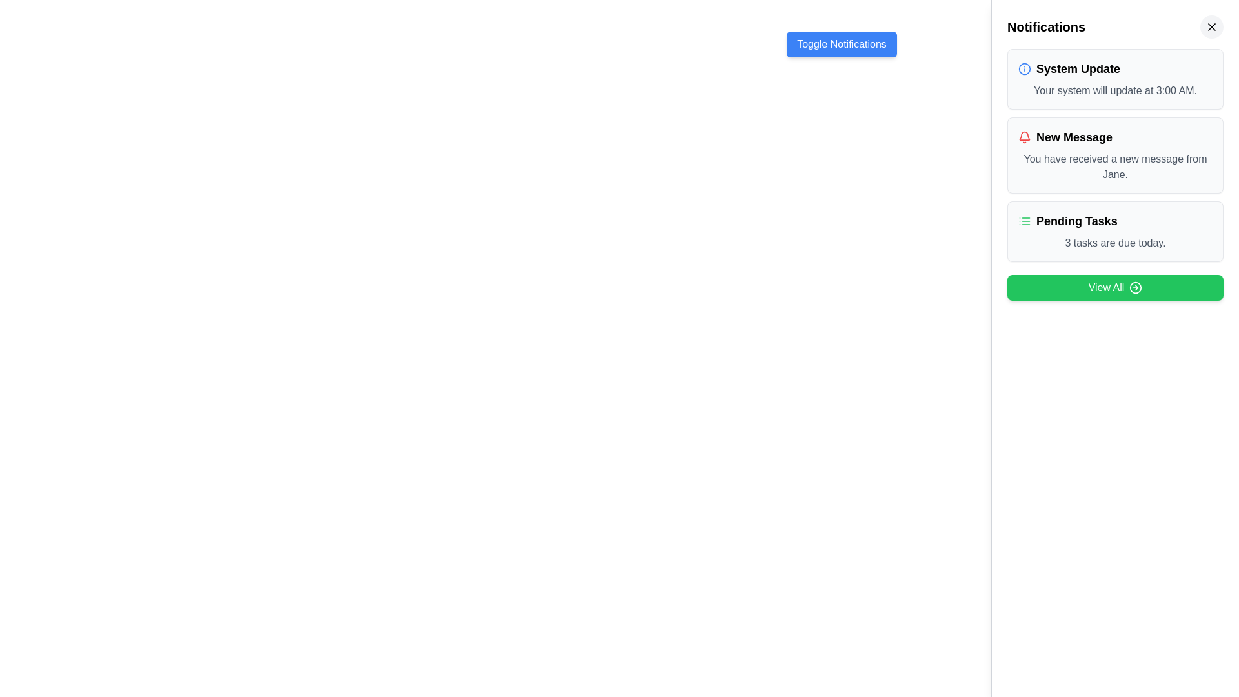  What do you see at coordinates (1024, 69) in the screenshot?
I see `the circular information icon with a blue outline located in the top notification block adjacent to the 'System Update' title` at bounding box center [1024, 69].